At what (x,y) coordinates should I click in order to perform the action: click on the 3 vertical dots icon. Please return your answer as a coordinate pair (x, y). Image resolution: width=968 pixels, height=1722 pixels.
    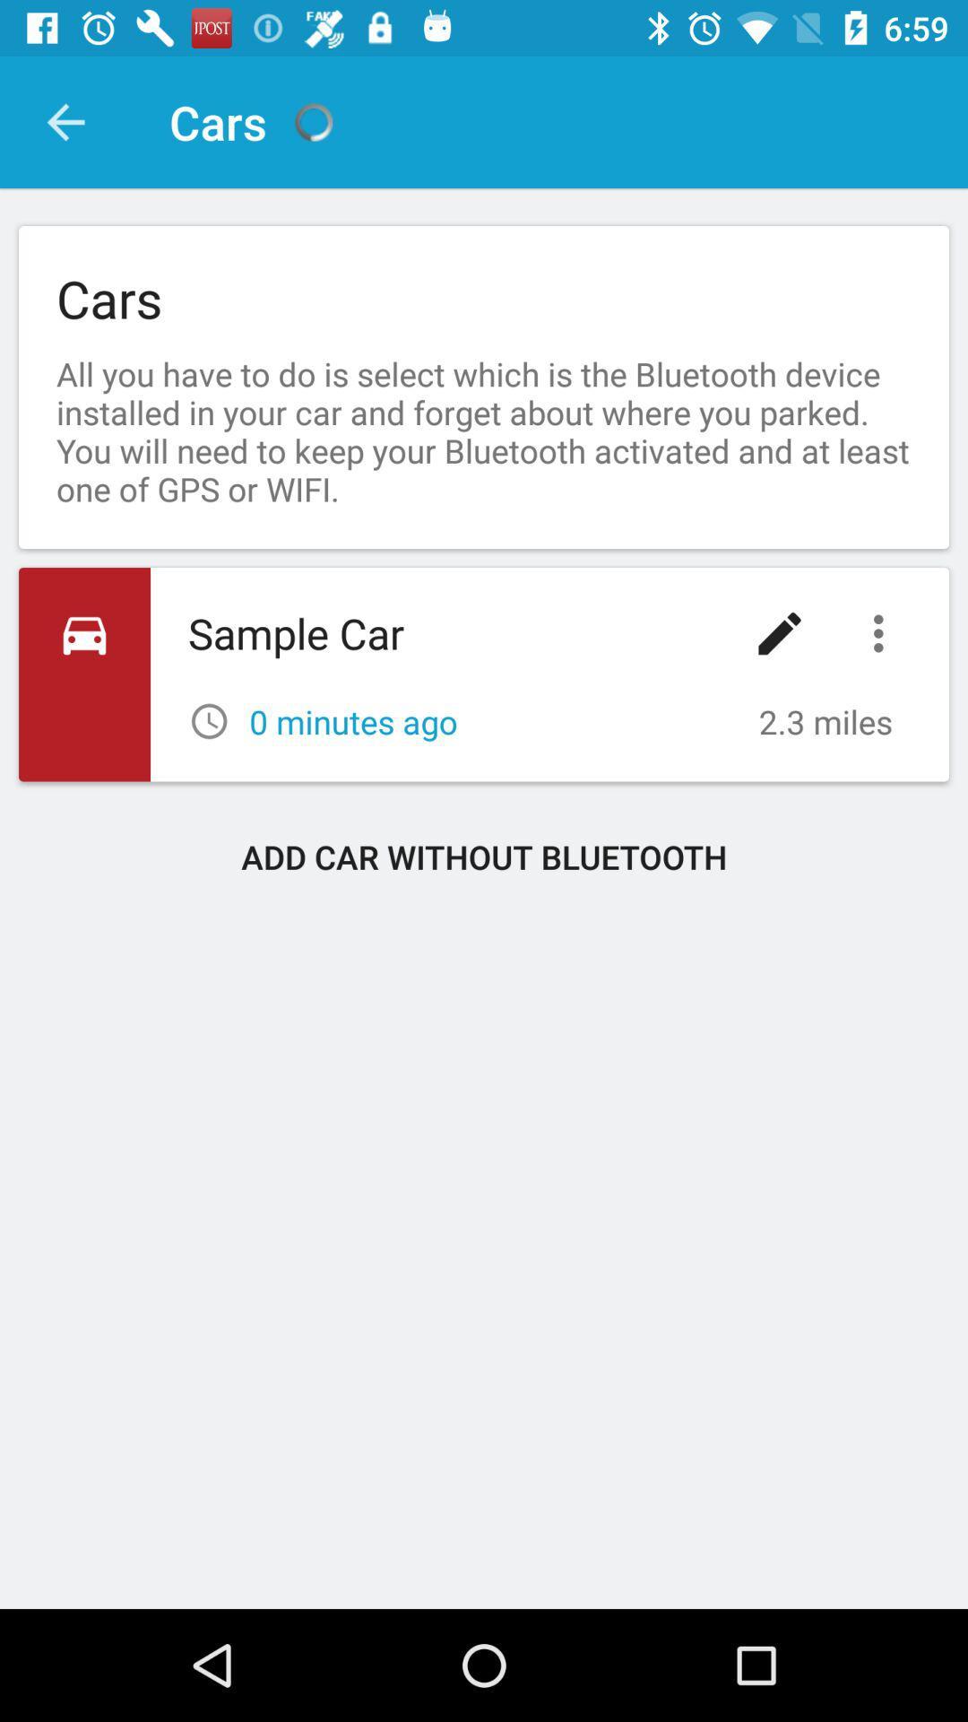
    Looking at the image, I should click on (882, 633).